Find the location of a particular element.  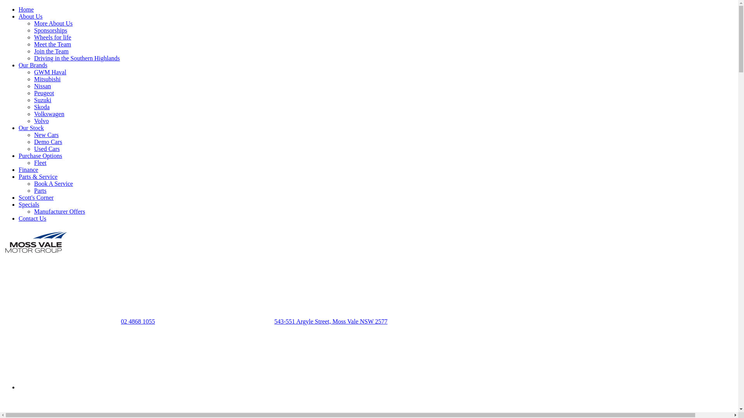

'02 4868 1055' is located at coordinates (121, 321).